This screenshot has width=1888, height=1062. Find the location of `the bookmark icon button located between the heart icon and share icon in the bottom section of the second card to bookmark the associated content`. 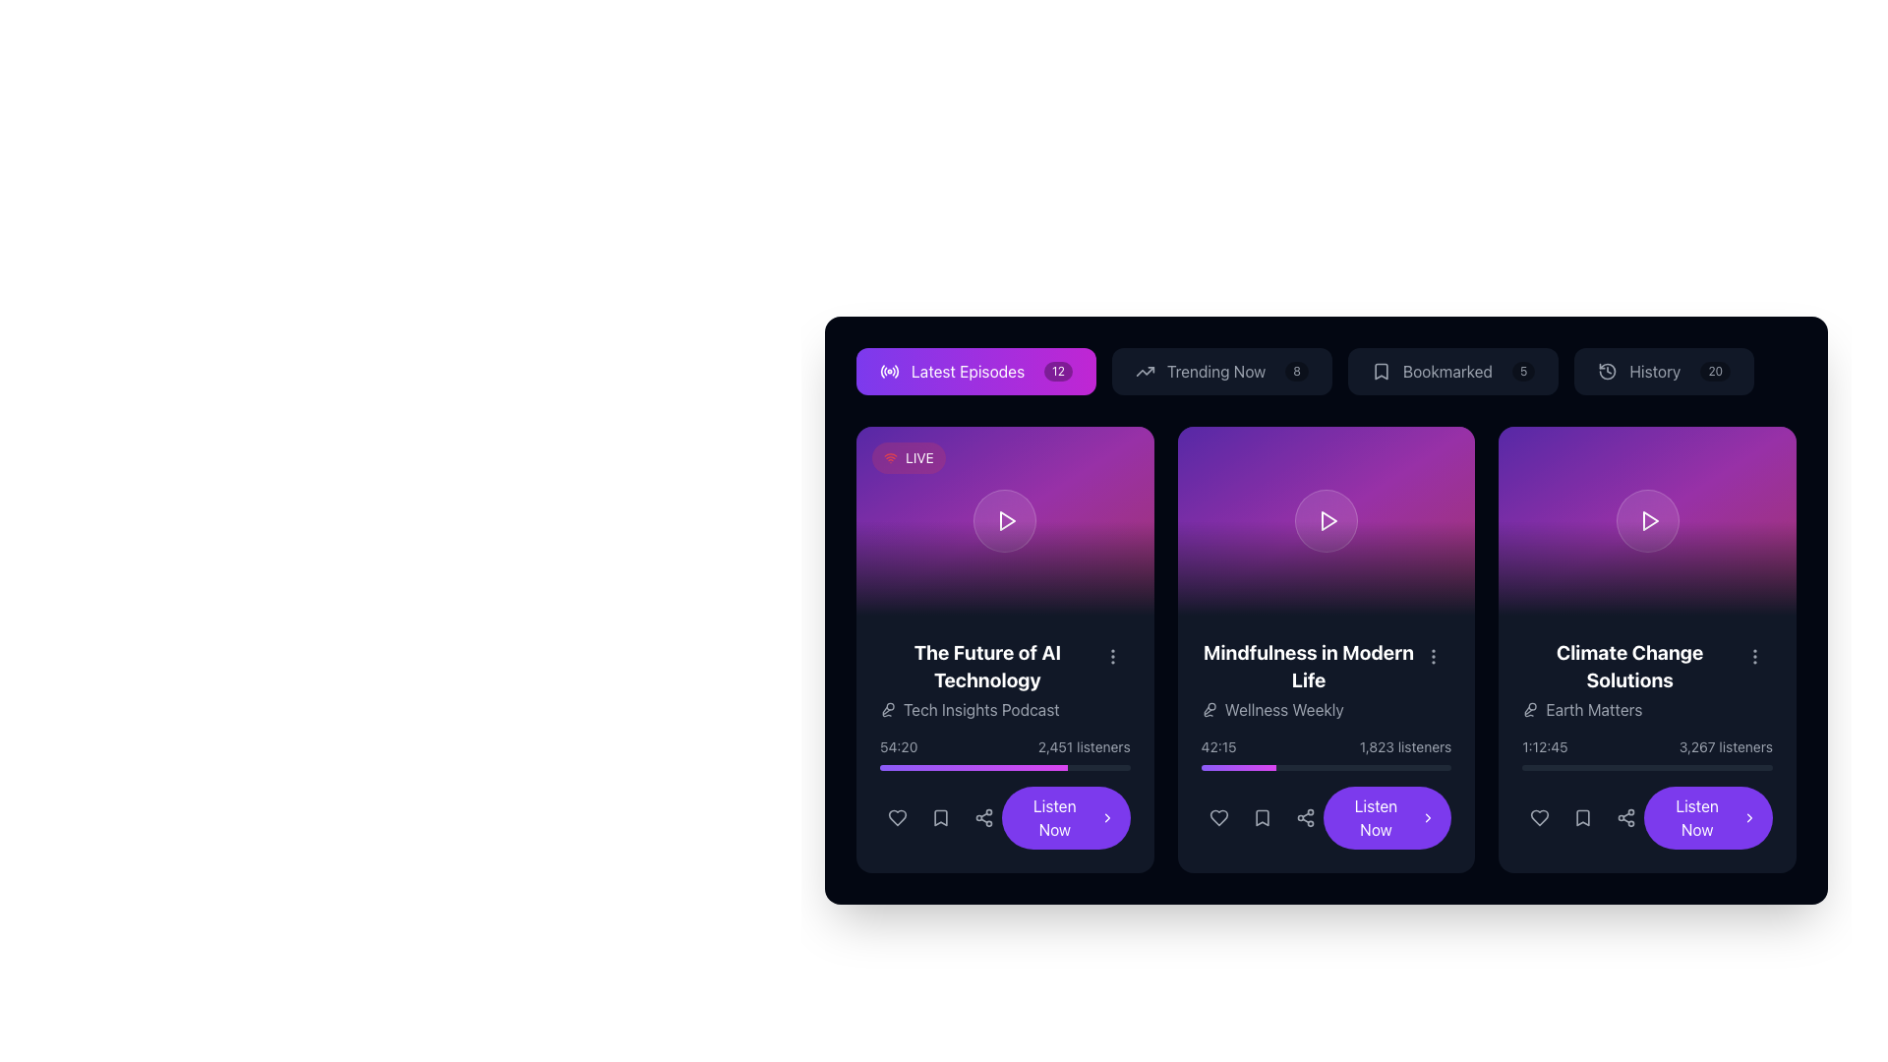

the bookmark icon button located between the heart icon and share icon in the bottom section of the second card to bookmark the associated content is located at coordinates (1262, 818).